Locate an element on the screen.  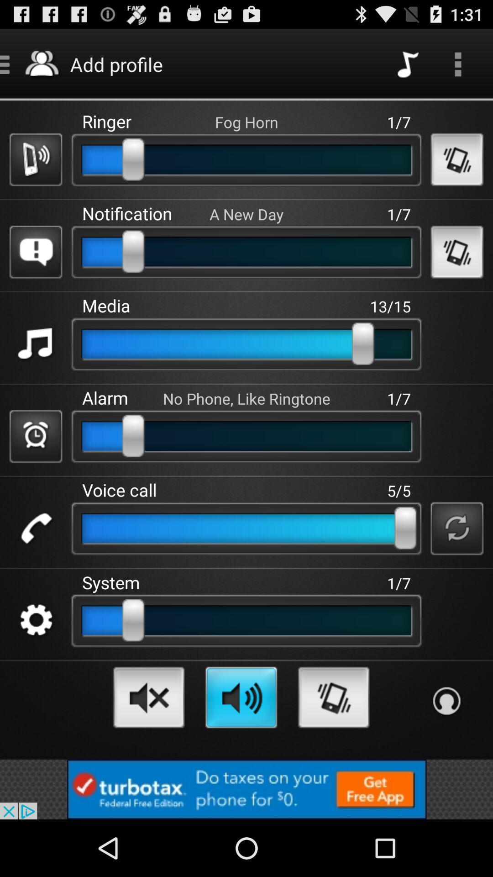
advertisements button is located at coordinates (246, 789).